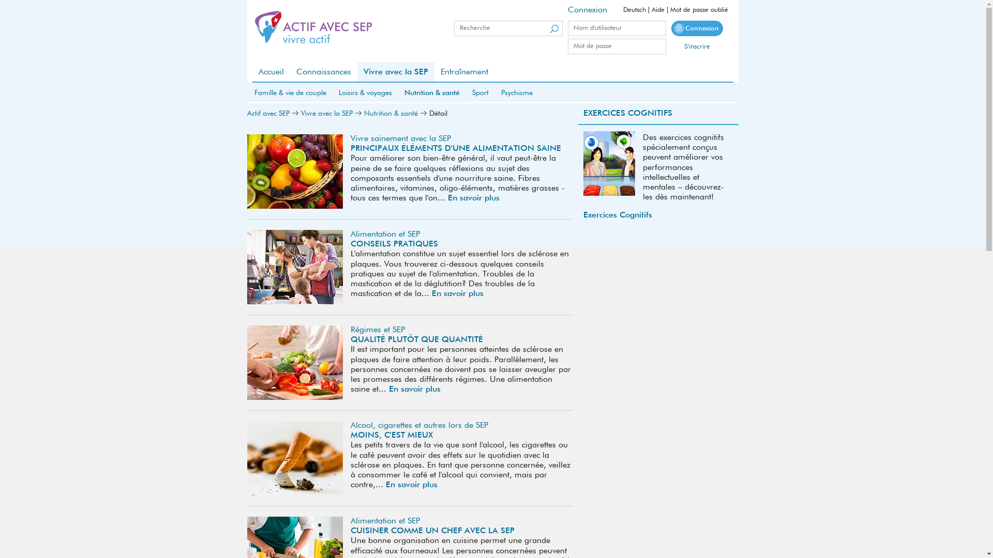 The height and width of the screenshot is (558, 993). Describe the element at coordinates (365, 93) in the screenshot. I see `'Loisirs & voyages'` at that location.